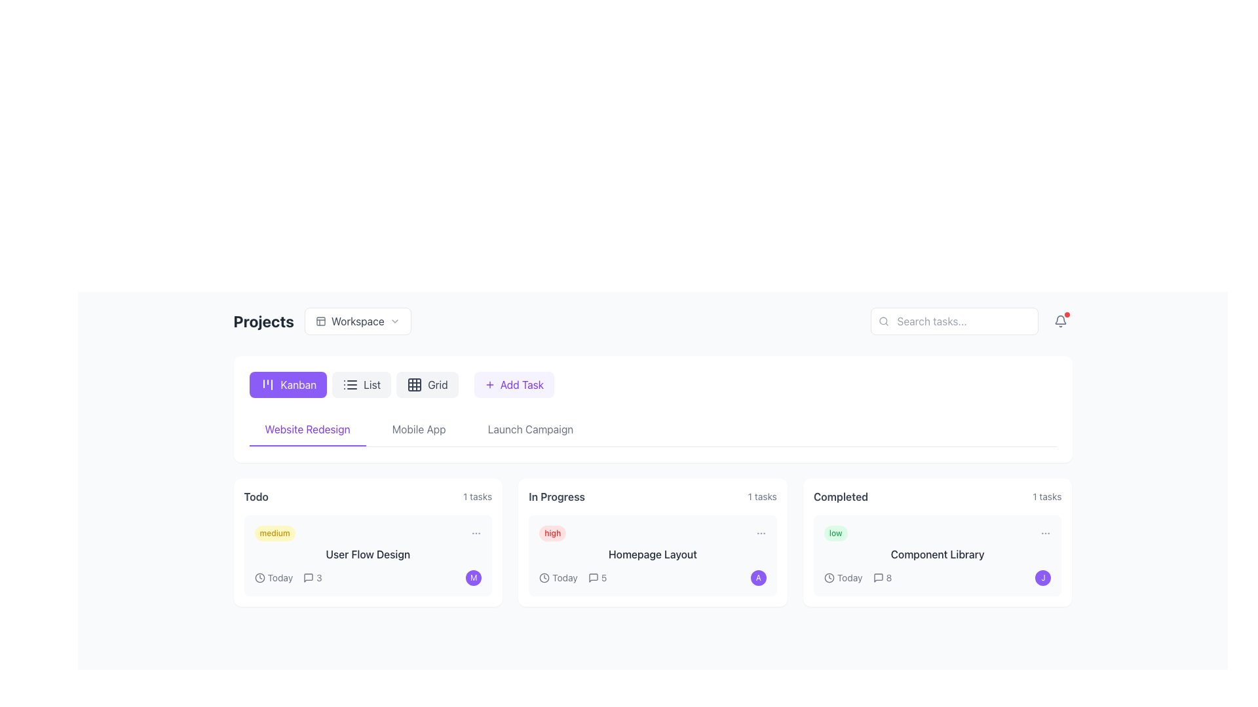  Describe the element at coordinates (362, 384) in the screenshot. I see `the 'List' button, which is a rectangular button with rounded corners, light gray background, and dark gray text, located in the top-central area of the page under the 'Projects' header` at that location.